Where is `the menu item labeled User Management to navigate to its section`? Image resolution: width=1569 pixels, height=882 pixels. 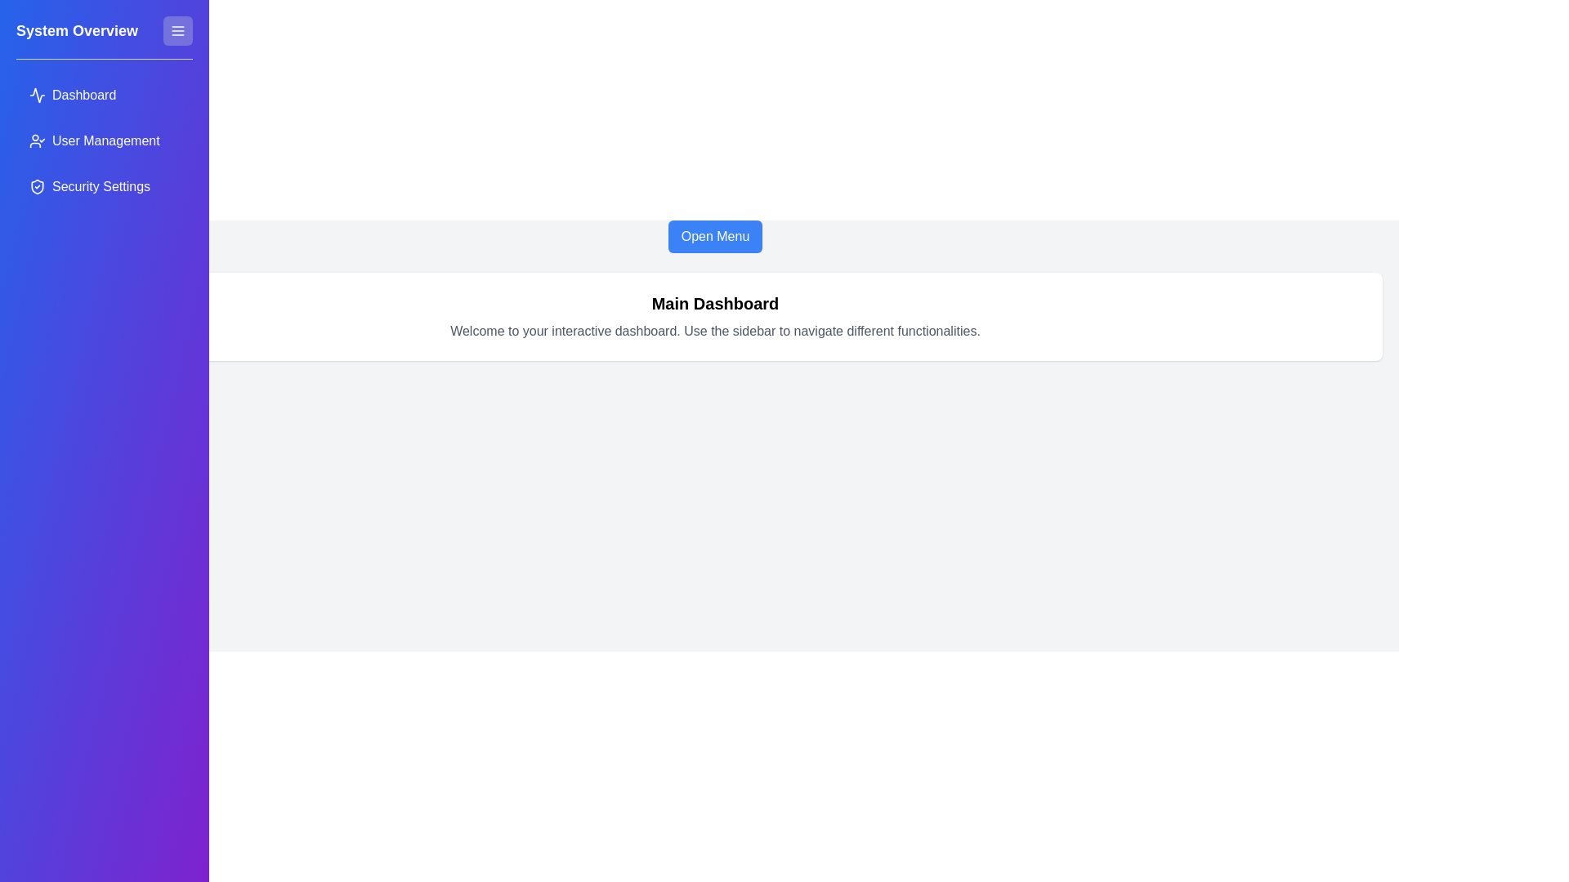 the menu item labeled User Management to navigate to its section is located at coordinates (104, 140).